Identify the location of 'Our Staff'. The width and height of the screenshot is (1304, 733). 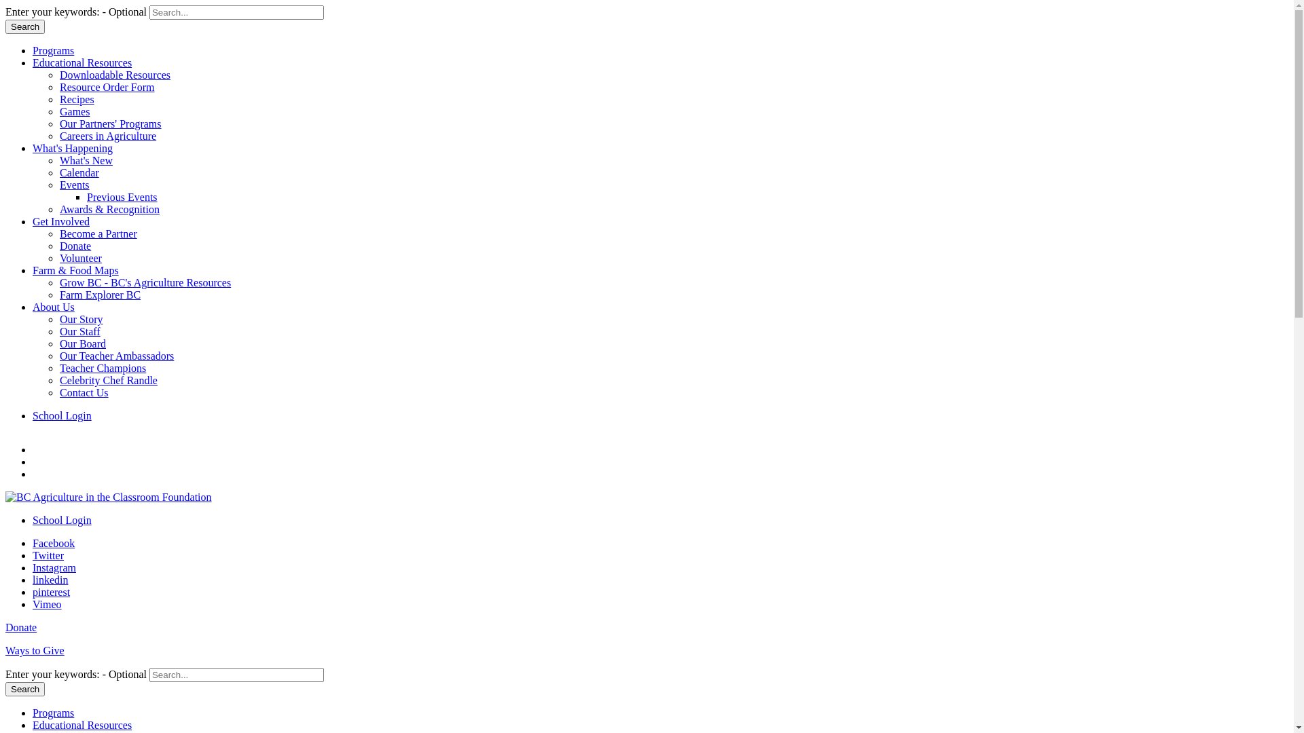
(79, 331).